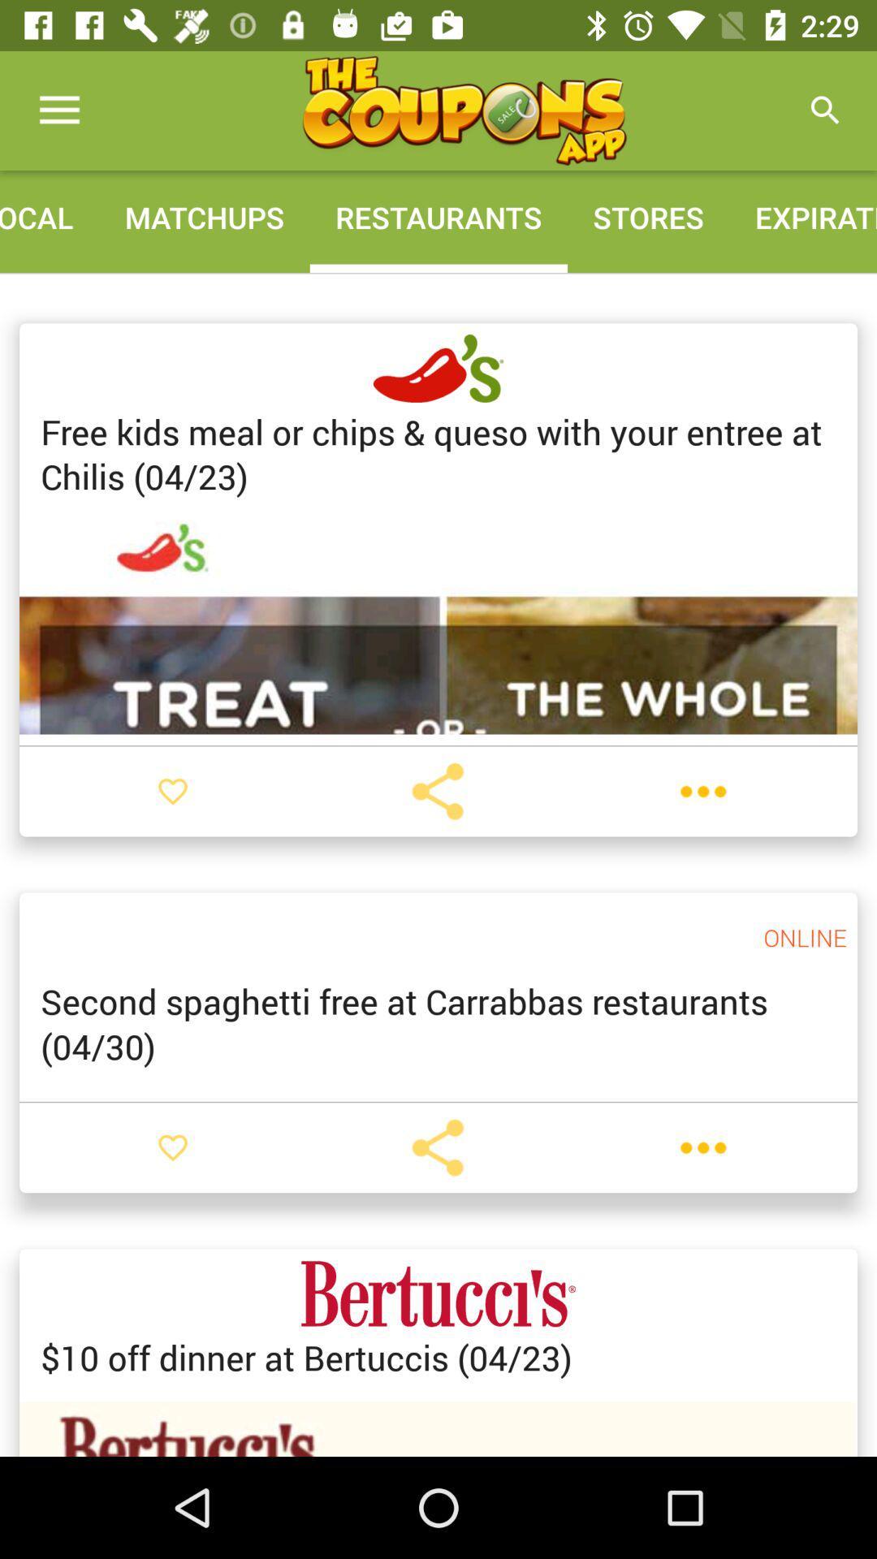 This screenshot has height=1559, width=877. I want to click on 10 off dinner, so click(306, 1357).